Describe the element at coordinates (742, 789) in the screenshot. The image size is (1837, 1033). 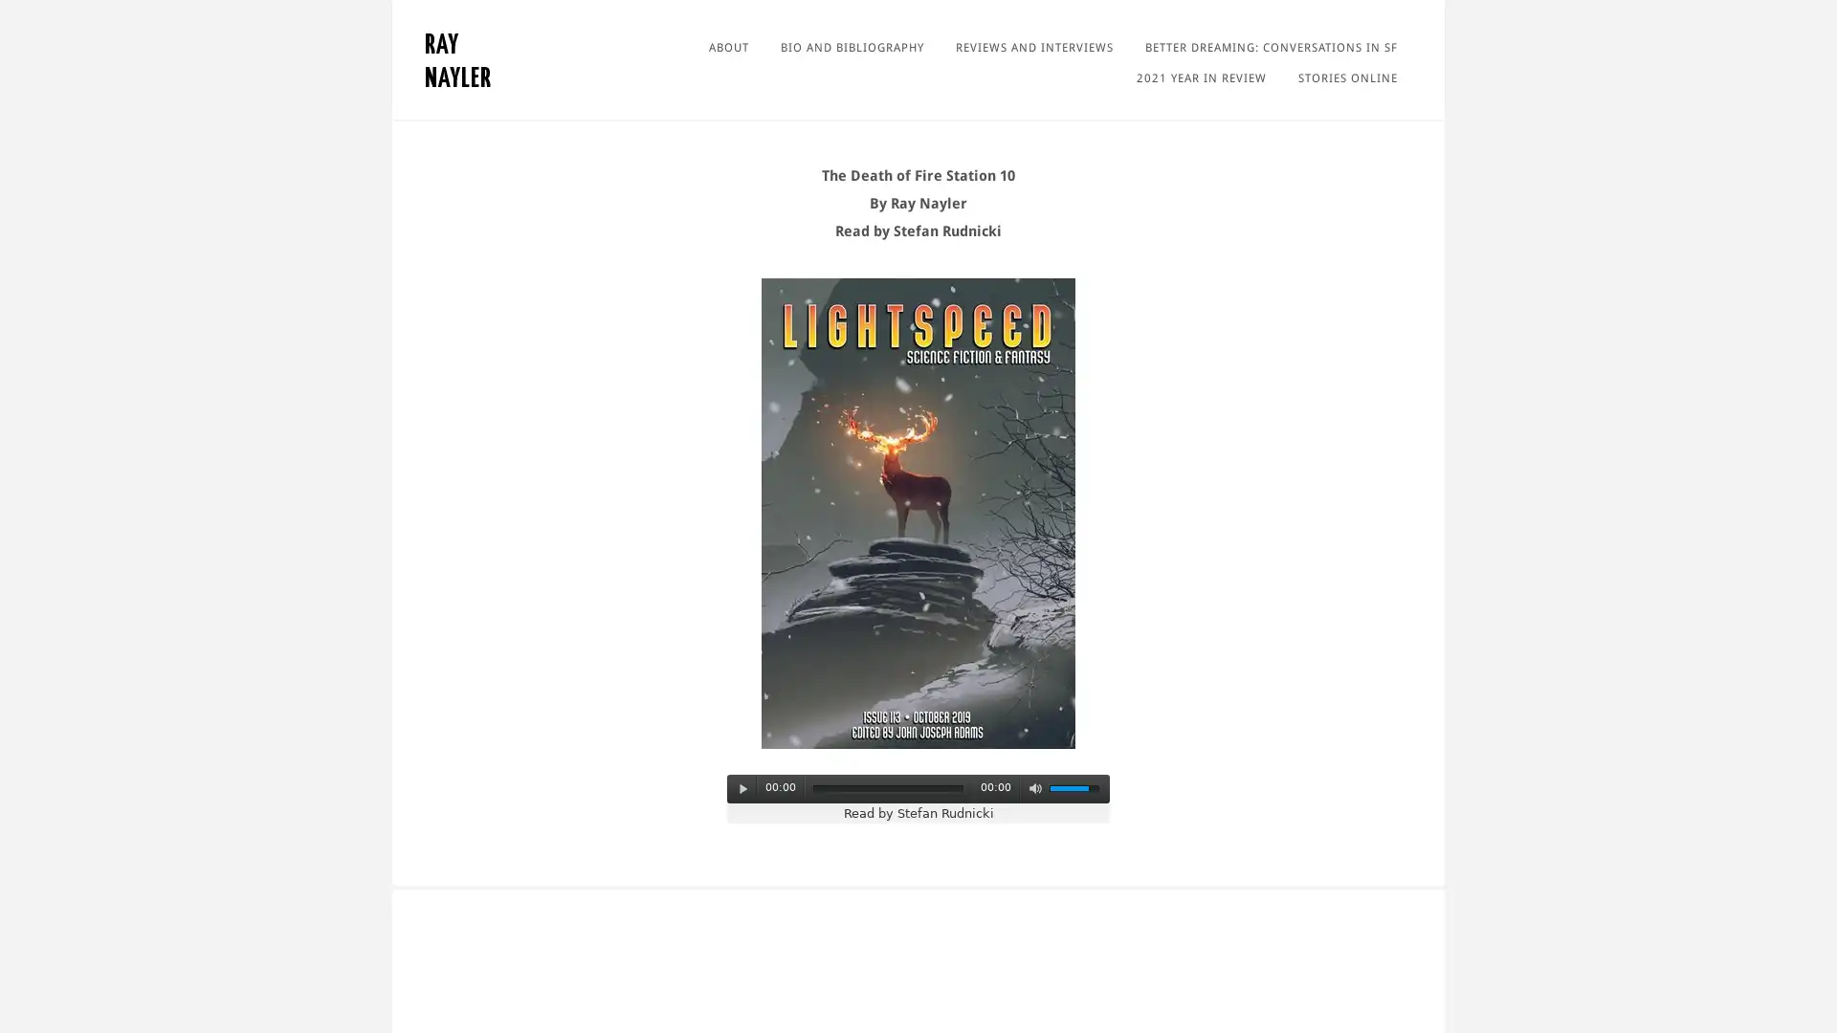
I see `Play/Pause` at that location.